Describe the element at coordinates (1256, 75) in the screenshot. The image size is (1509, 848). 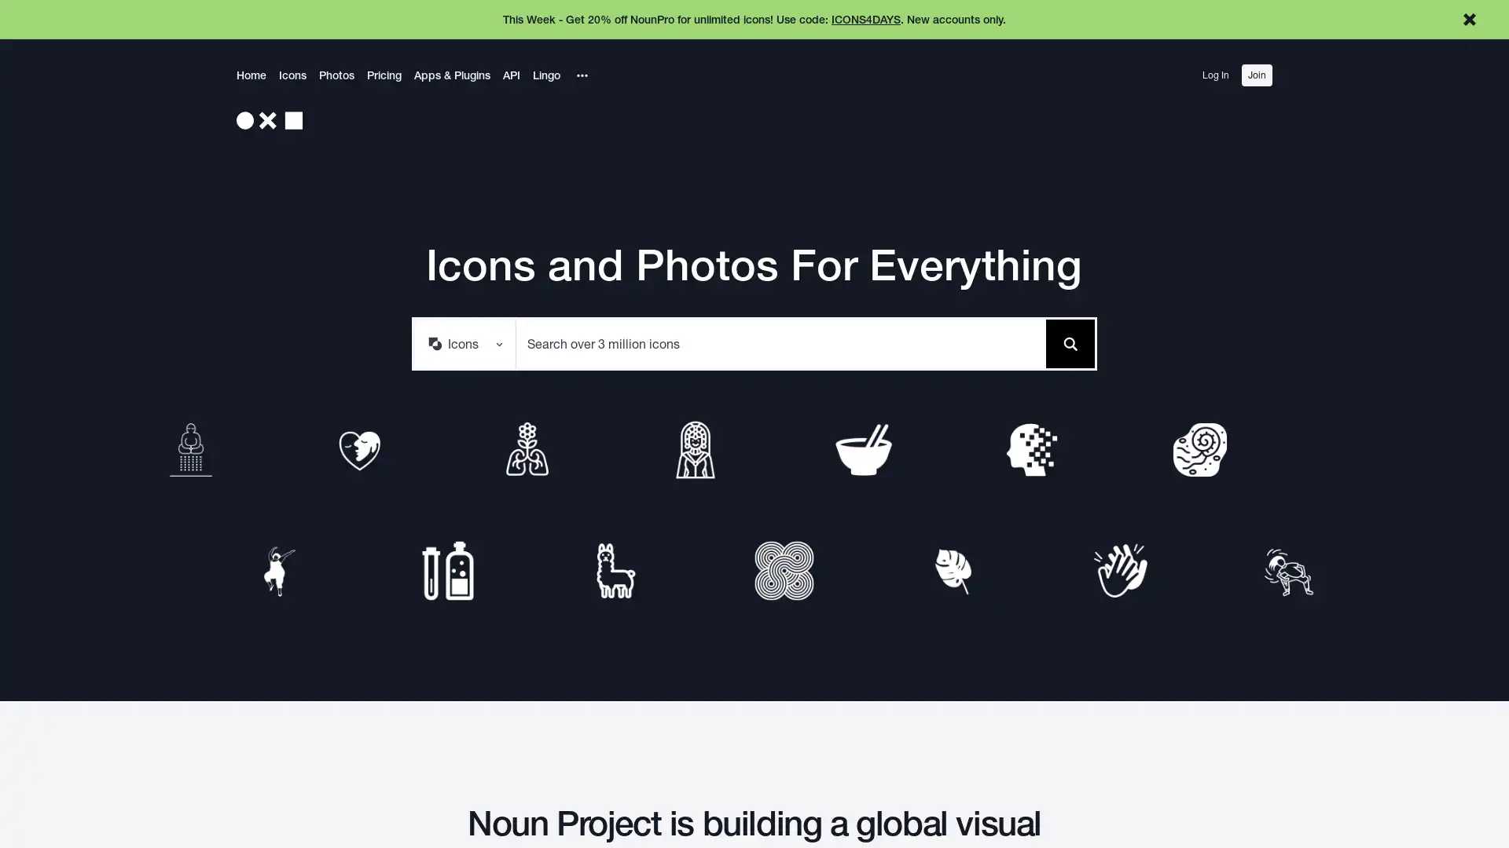
I see `Join` at that location.